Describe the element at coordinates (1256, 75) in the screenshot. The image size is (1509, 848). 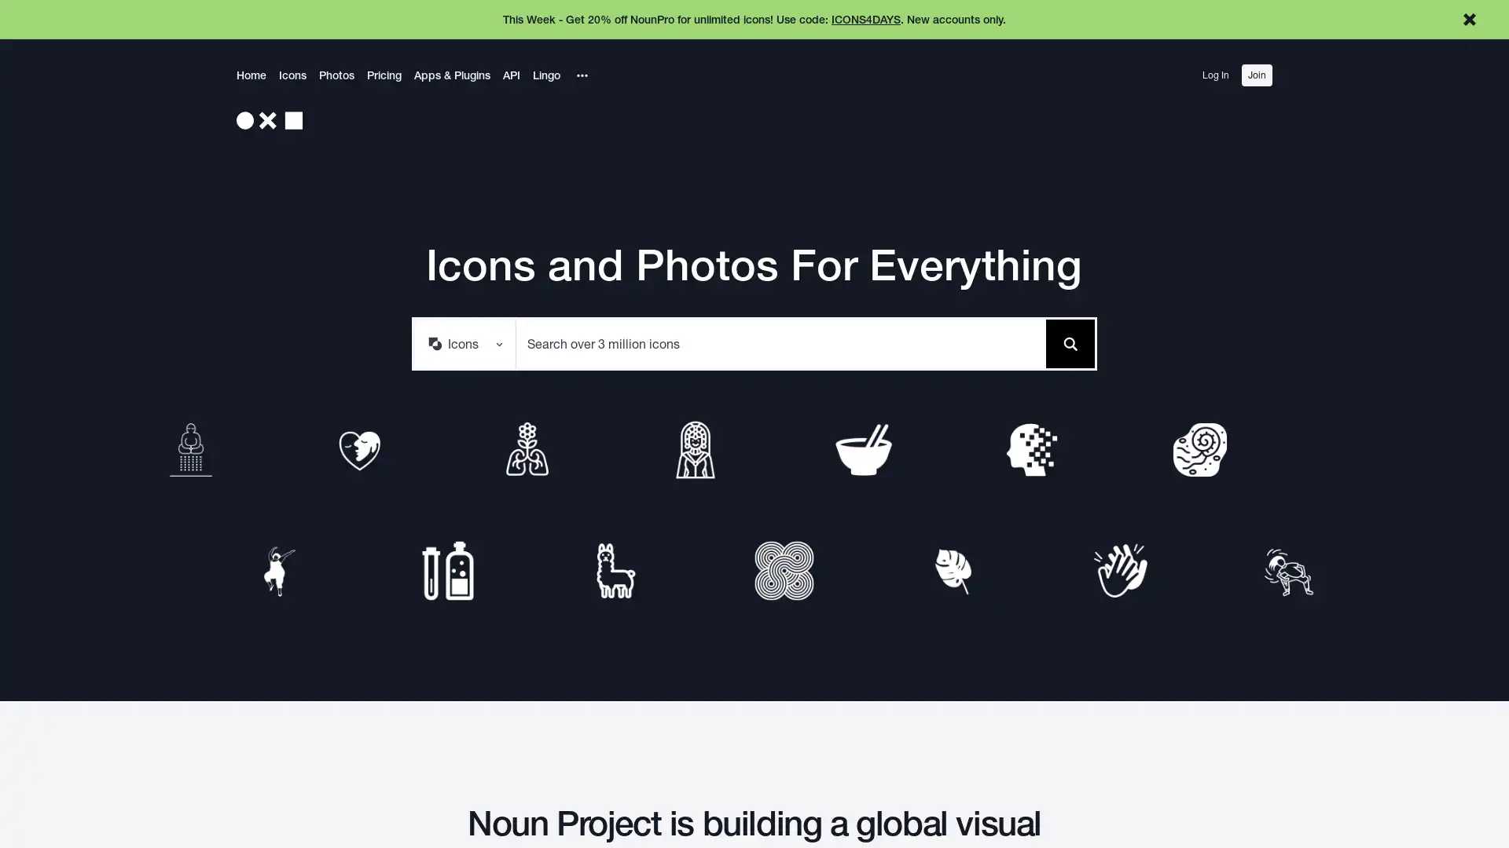
I see `Join` at that location.